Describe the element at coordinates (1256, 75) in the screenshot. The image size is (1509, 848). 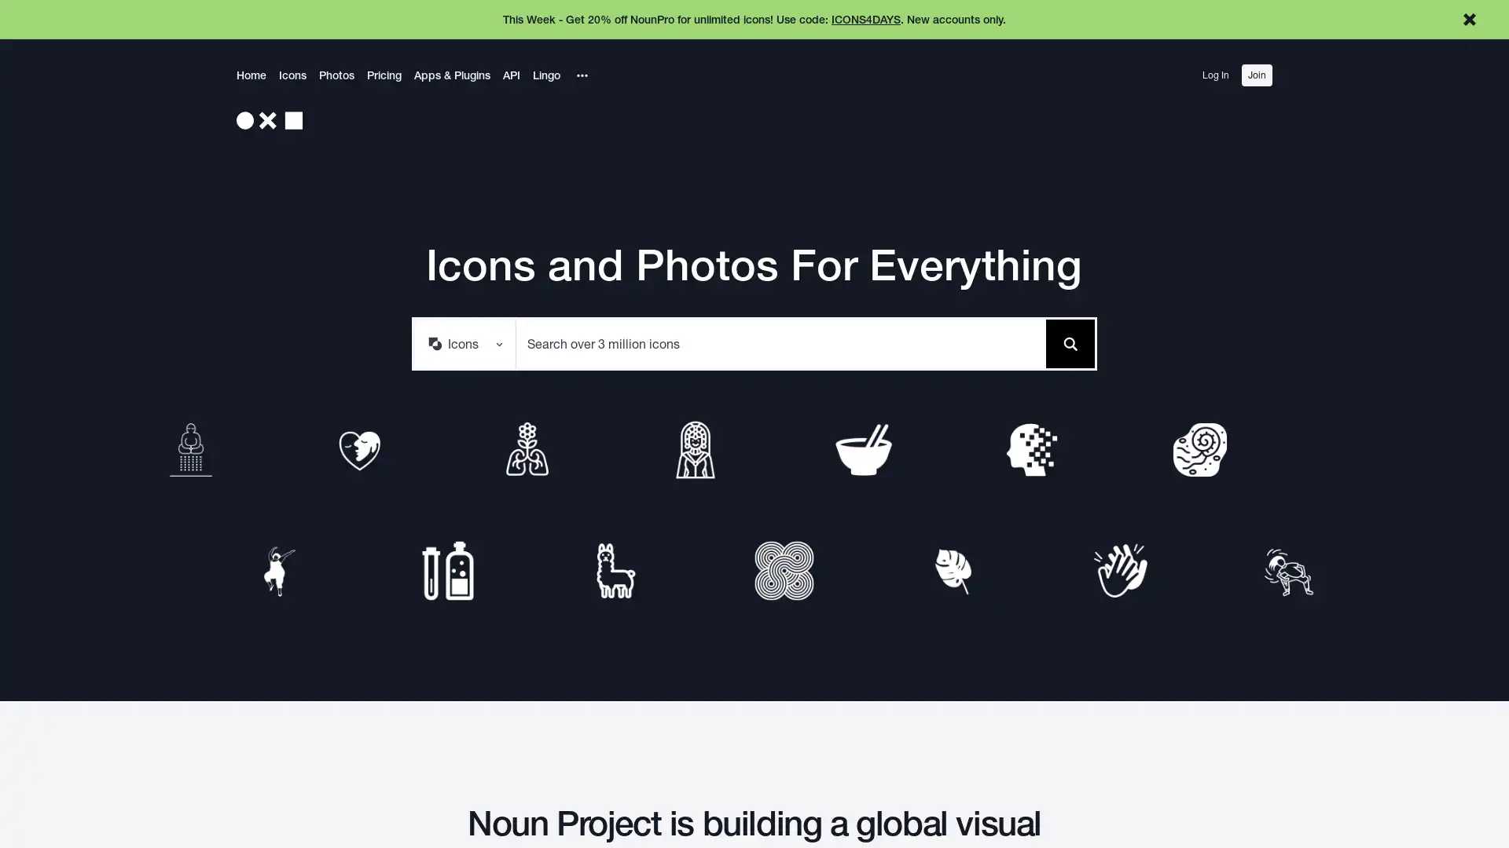
I see `Join` at that location.